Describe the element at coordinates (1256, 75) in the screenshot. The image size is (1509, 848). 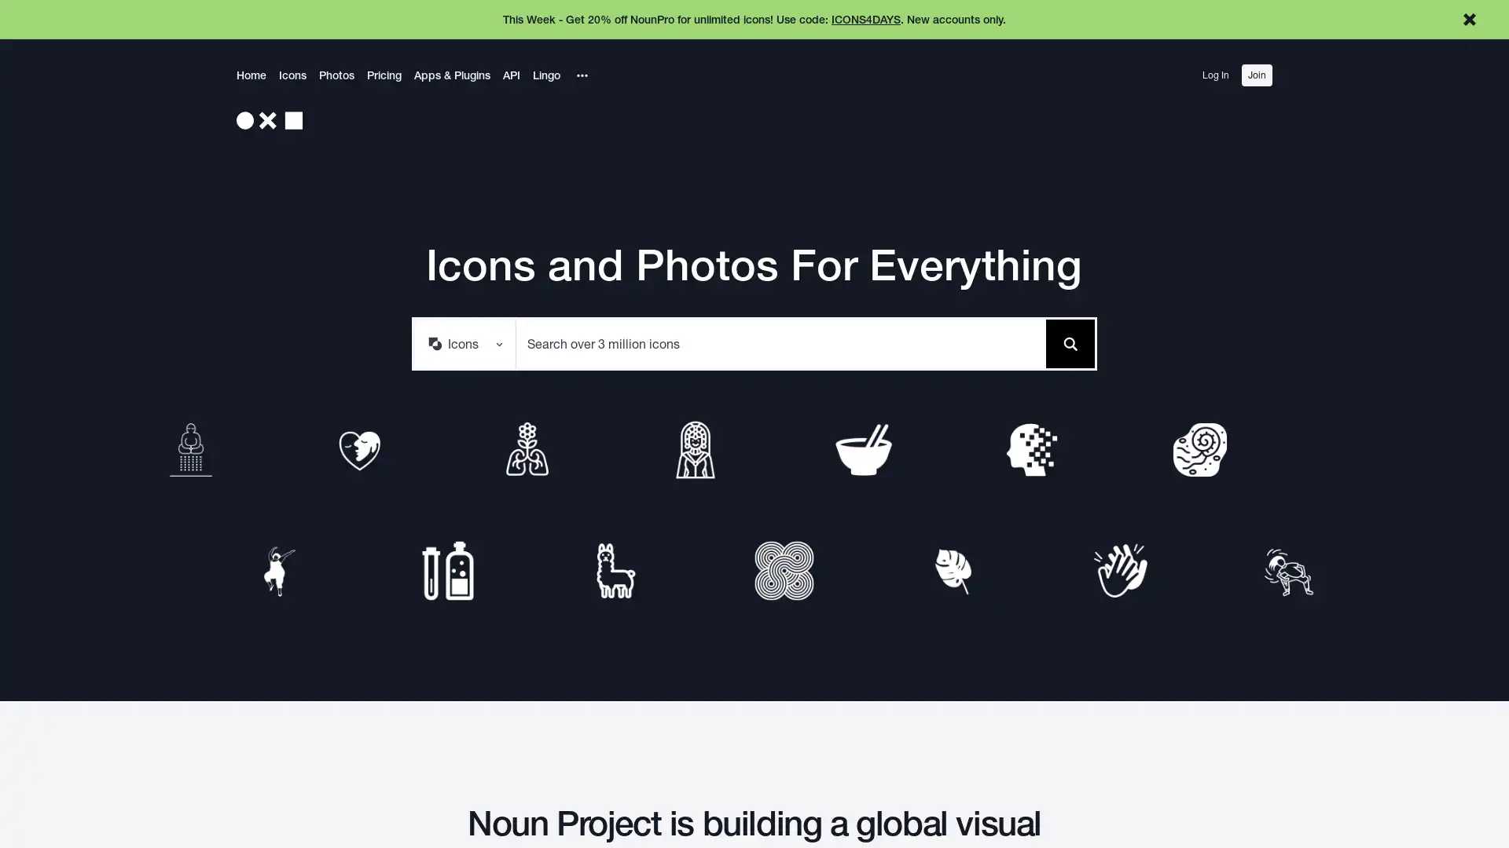
I see `Join` at that location.